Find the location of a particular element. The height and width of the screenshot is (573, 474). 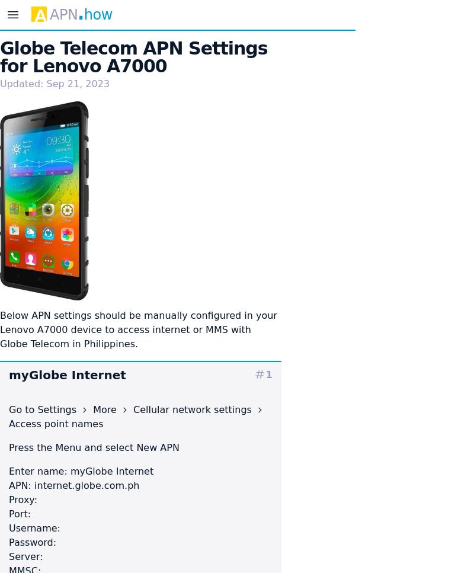

'APN:' is located at coordinates (21, 484).